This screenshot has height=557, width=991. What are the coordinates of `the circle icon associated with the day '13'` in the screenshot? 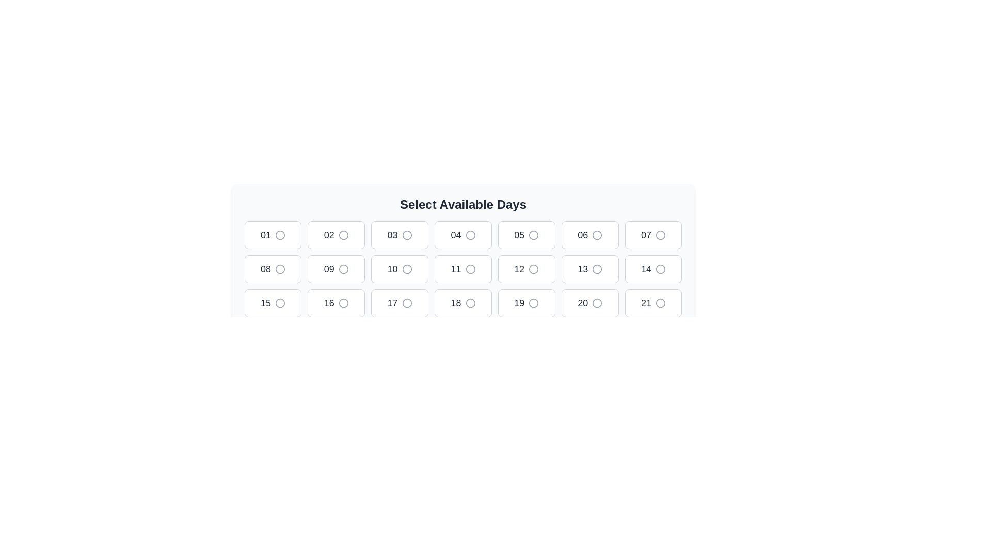 It's located at (597, 268).